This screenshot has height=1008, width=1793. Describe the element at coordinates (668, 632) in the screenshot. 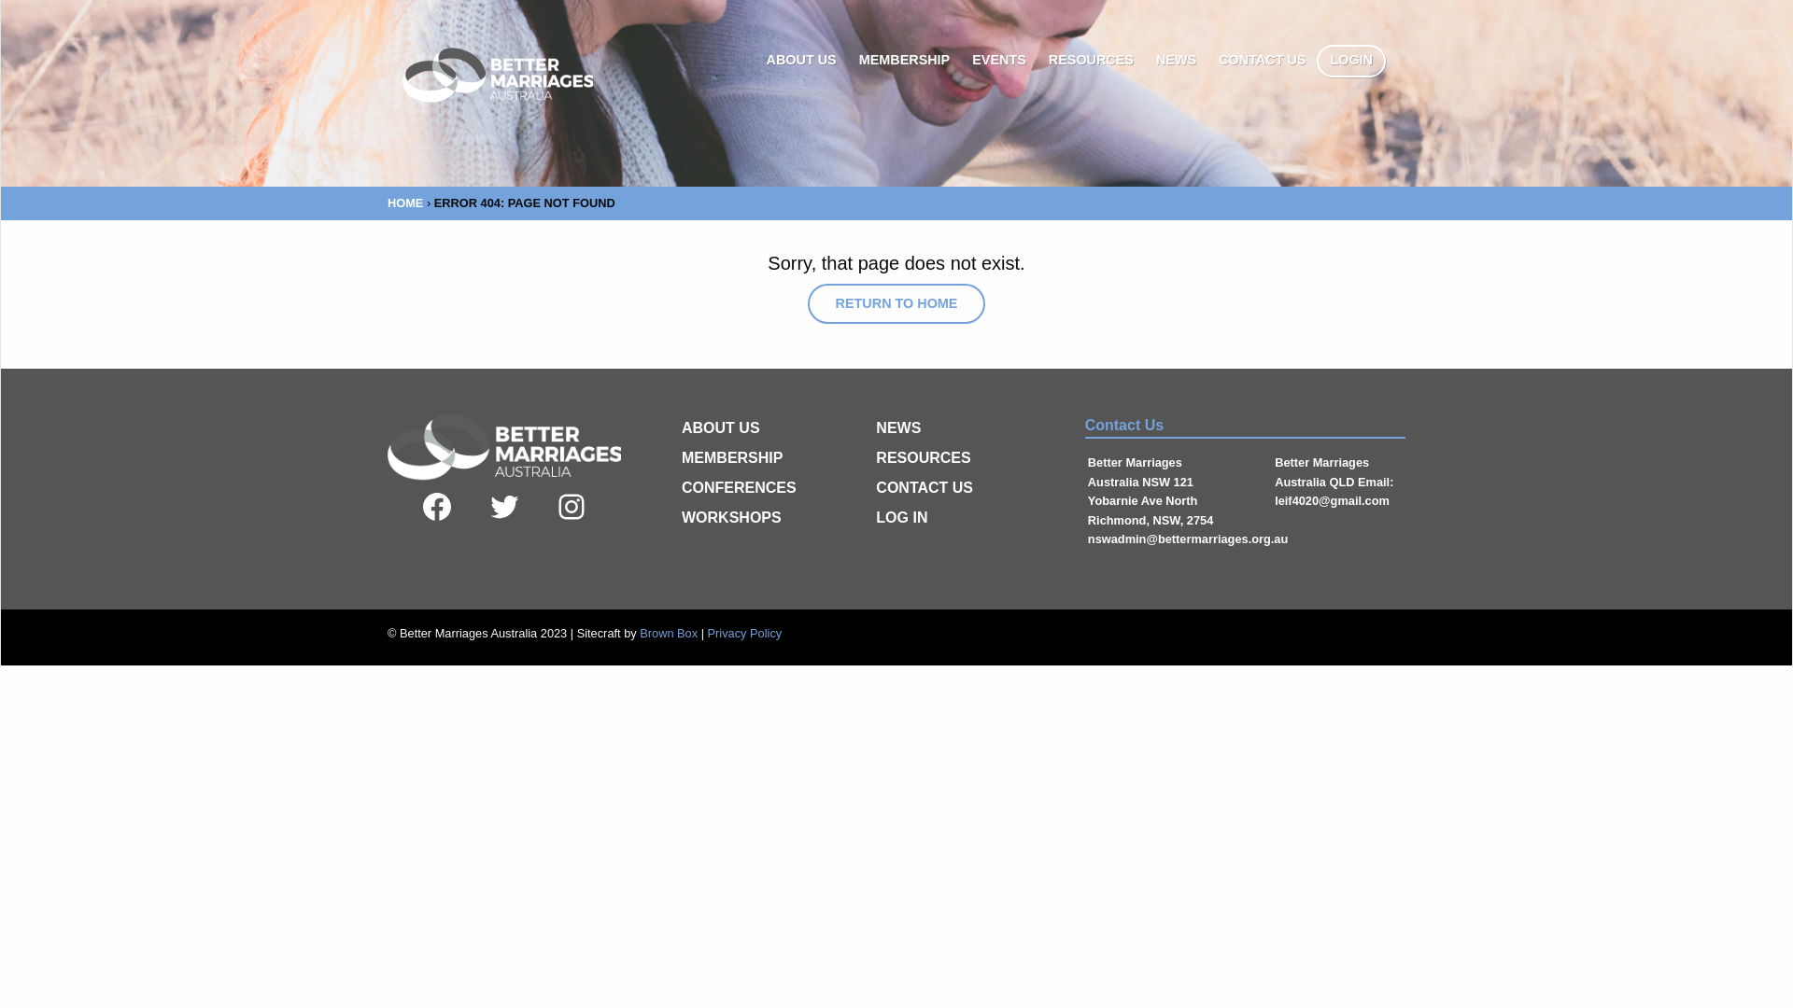

I see `'Brown Box'` at that location.